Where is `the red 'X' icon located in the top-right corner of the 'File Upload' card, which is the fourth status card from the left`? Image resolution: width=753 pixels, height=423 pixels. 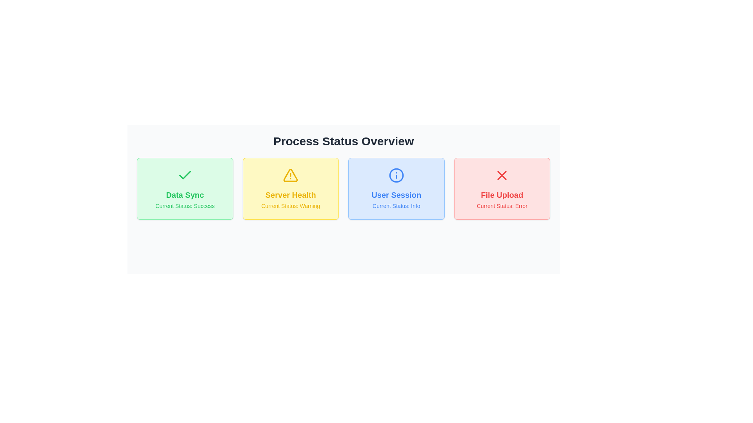
the red 'X' icon located in the top-right corner of the 'File Upload' card, which is the fourth status card from the left is located at coordinates (502, 175).